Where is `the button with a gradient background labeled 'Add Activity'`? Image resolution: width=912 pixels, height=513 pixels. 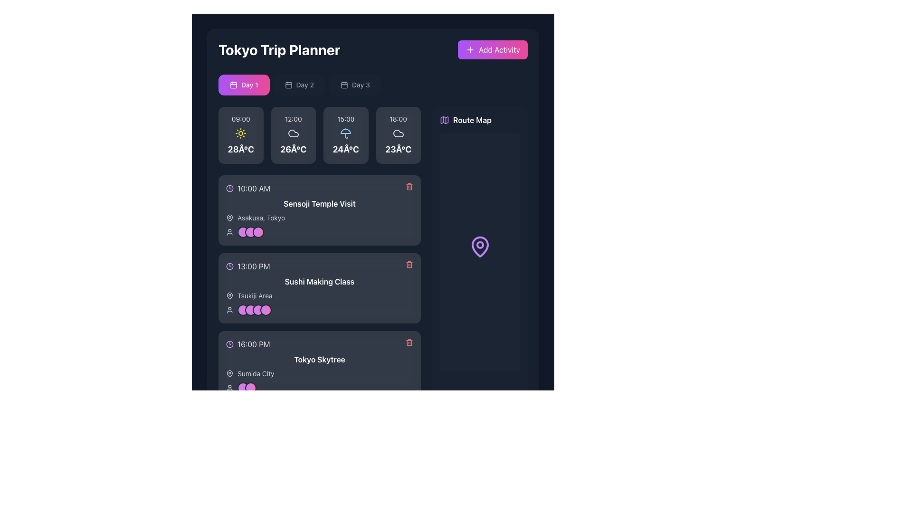
the button with a gradient background labeled 'Add Activity' is located at coordinates (493, 49).